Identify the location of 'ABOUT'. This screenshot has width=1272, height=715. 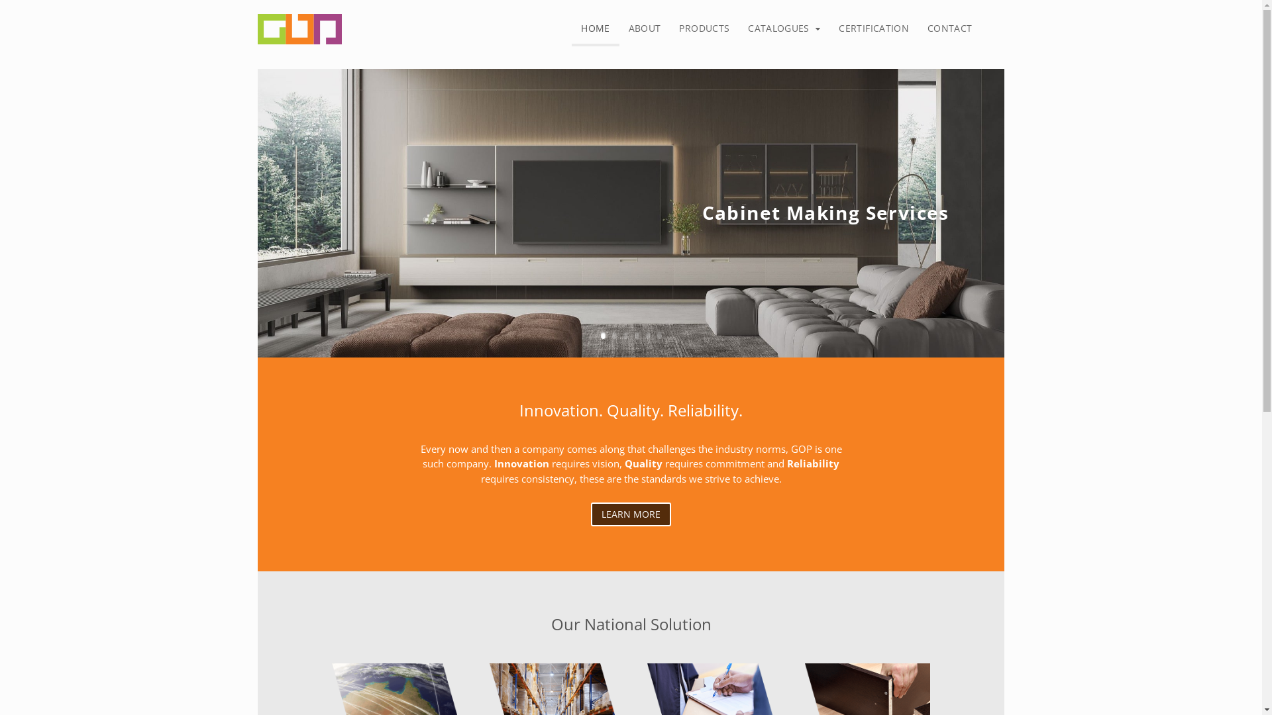
(645, 28).